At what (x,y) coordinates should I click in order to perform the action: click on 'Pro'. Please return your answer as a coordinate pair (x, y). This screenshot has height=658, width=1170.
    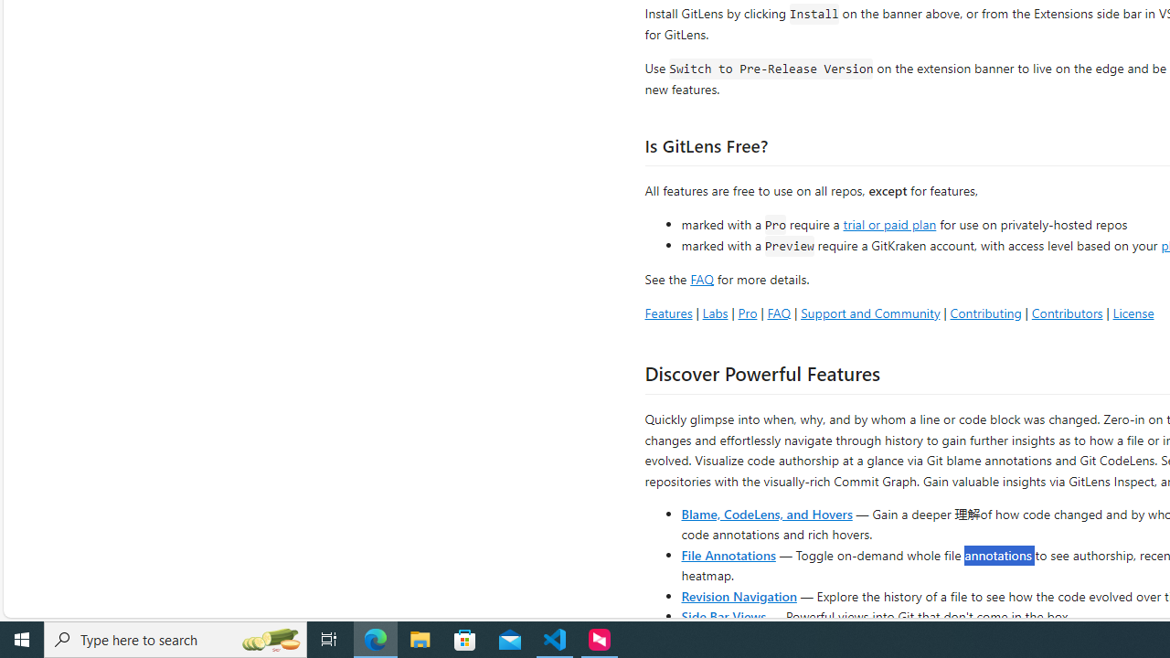
    Looking at the image, I should click on (747, 312).